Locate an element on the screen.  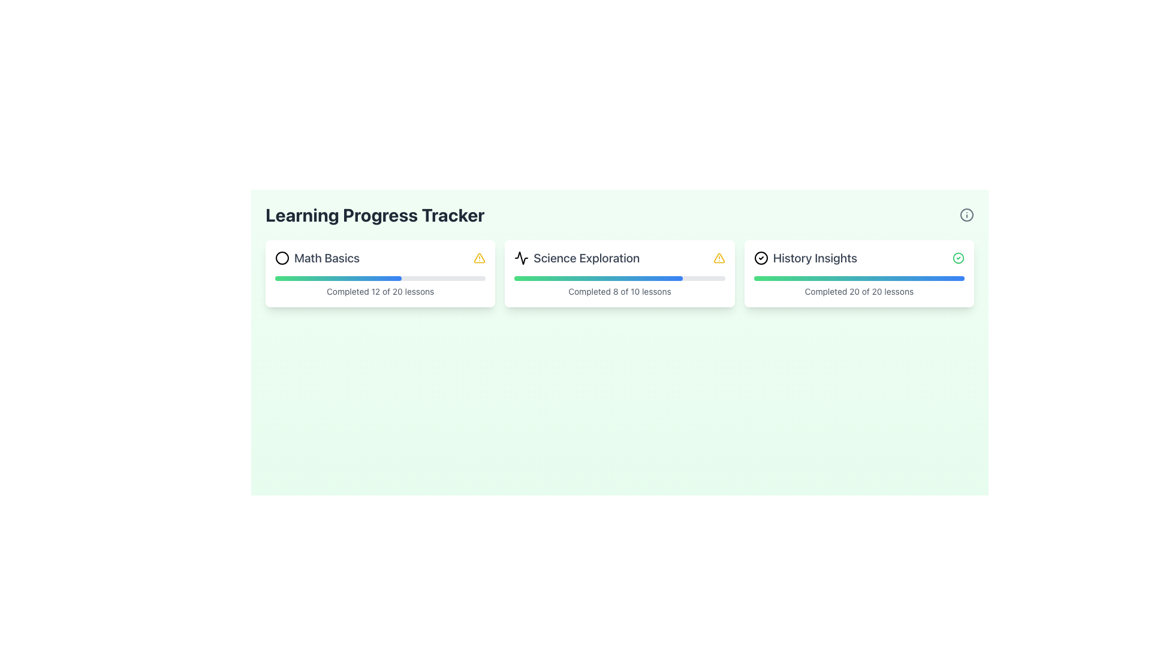
the circular gray info/help icon located in the upper-right corner of the Learning Progress Tracker section is located at coordinates (966, 214).